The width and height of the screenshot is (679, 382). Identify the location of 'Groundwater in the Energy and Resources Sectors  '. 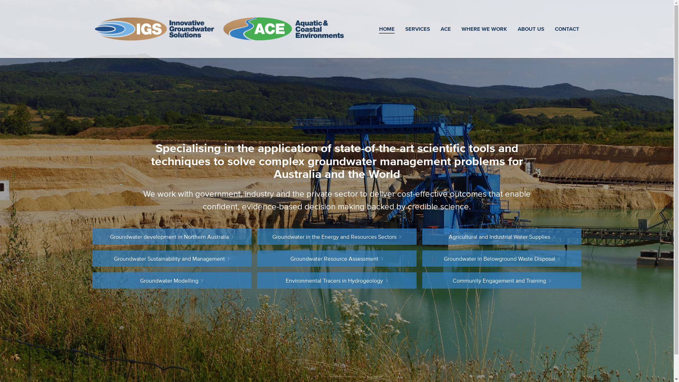
(336, 236).